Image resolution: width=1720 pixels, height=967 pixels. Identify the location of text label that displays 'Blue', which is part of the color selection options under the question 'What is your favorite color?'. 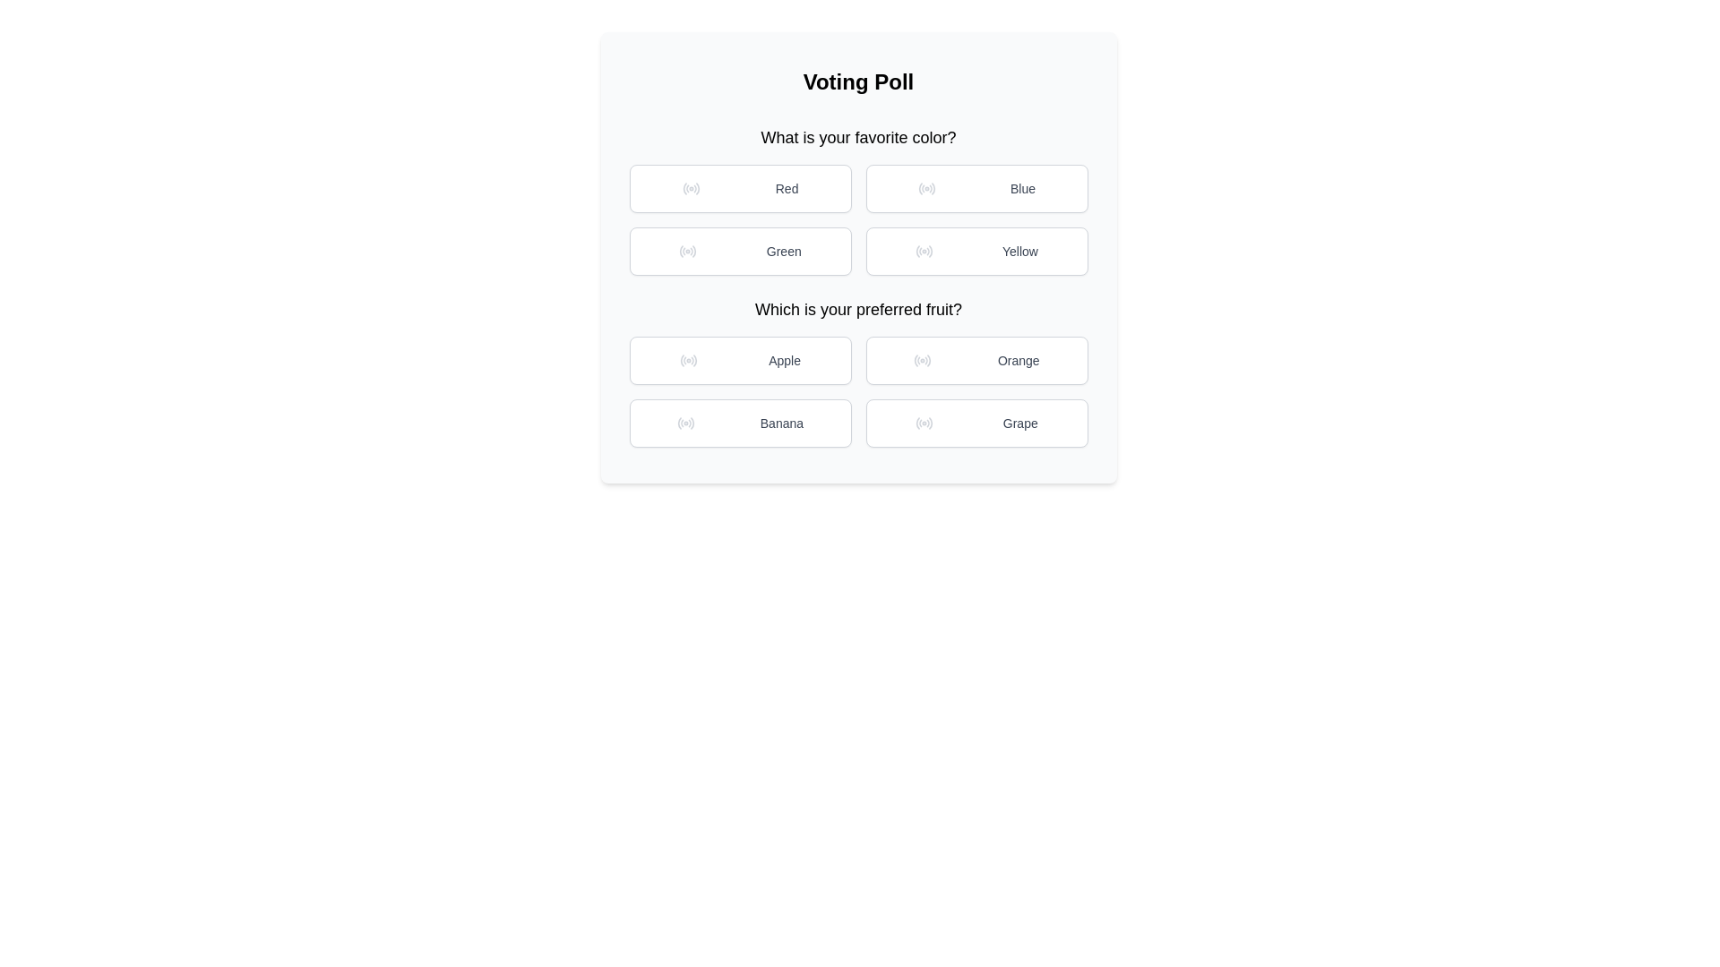
(1023, 189).